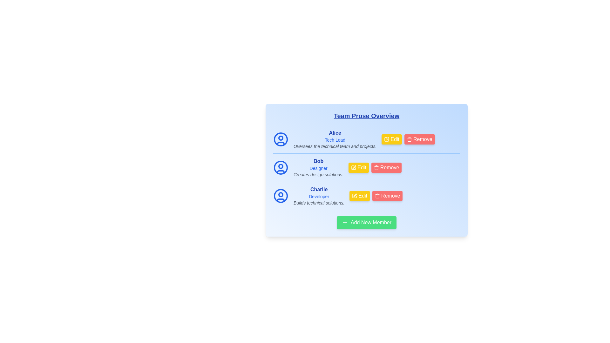  Describe the element at coordinates (318, 168) in the screenshot. I see `the text label indicating the role 'Designer' for the team member 'Bob' located under his name in the second card of the team list` at that location.